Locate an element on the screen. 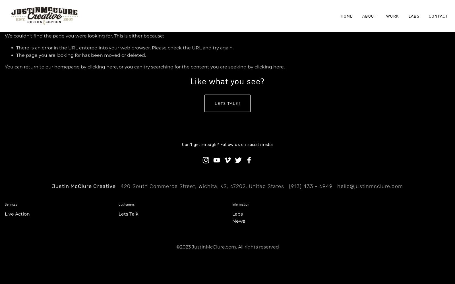 The image size is (455, 284). 'We couldn't find the page you were looking for. This is either because:' is located at coordinates (84, 36).